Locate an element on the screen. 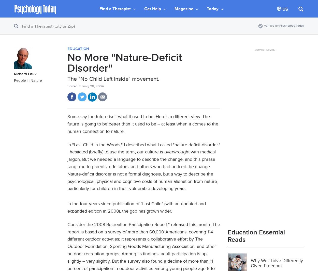 This screenshot has height=271, width=318. 'In "Last Child in the Woods," I described what I called "nature-deficit disorder." I hesitated (briefly) to use the term; our culture is overwrought with medical jargon. But we needed a language to describe the change, and this phrase rang true to parents, educators, and others who had noticed the change. Nature-deficit disorder is not a formal diagnosis, but a way to describe the psychological, physical and cognitive costs of human alienation from nature, particularly for children in their vulnerable developing years.' is located at coordinates (143, 166).